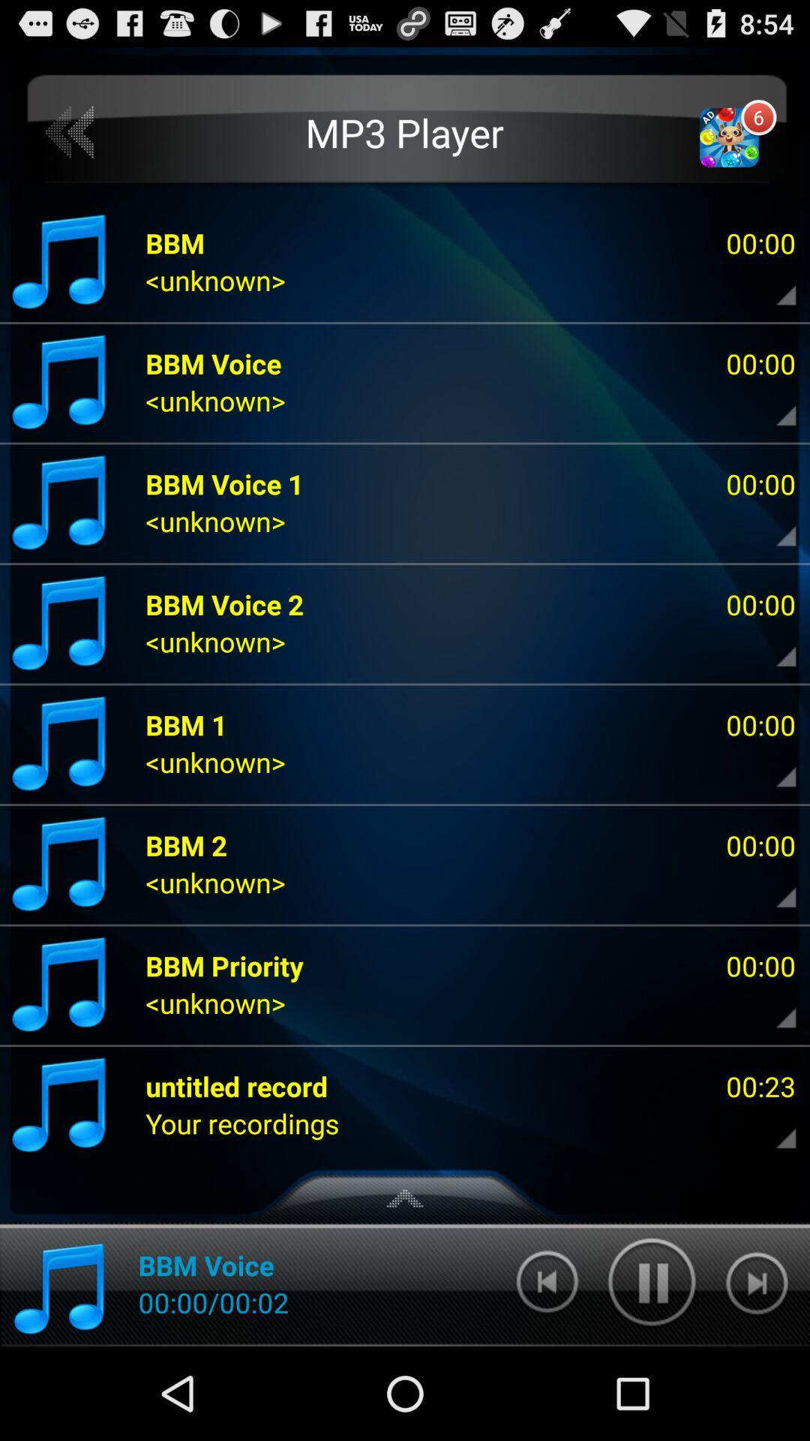  What do you see at coordinates (58, 1373) in the screenshot?
I see `the music icon` at bounding box center [58, 1373].